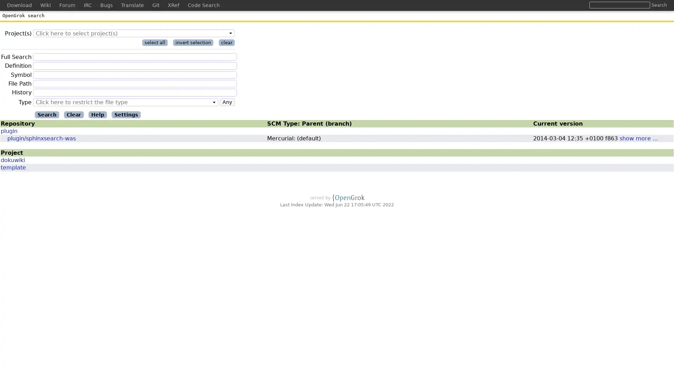  I want to click on Help, so click(97, 114).